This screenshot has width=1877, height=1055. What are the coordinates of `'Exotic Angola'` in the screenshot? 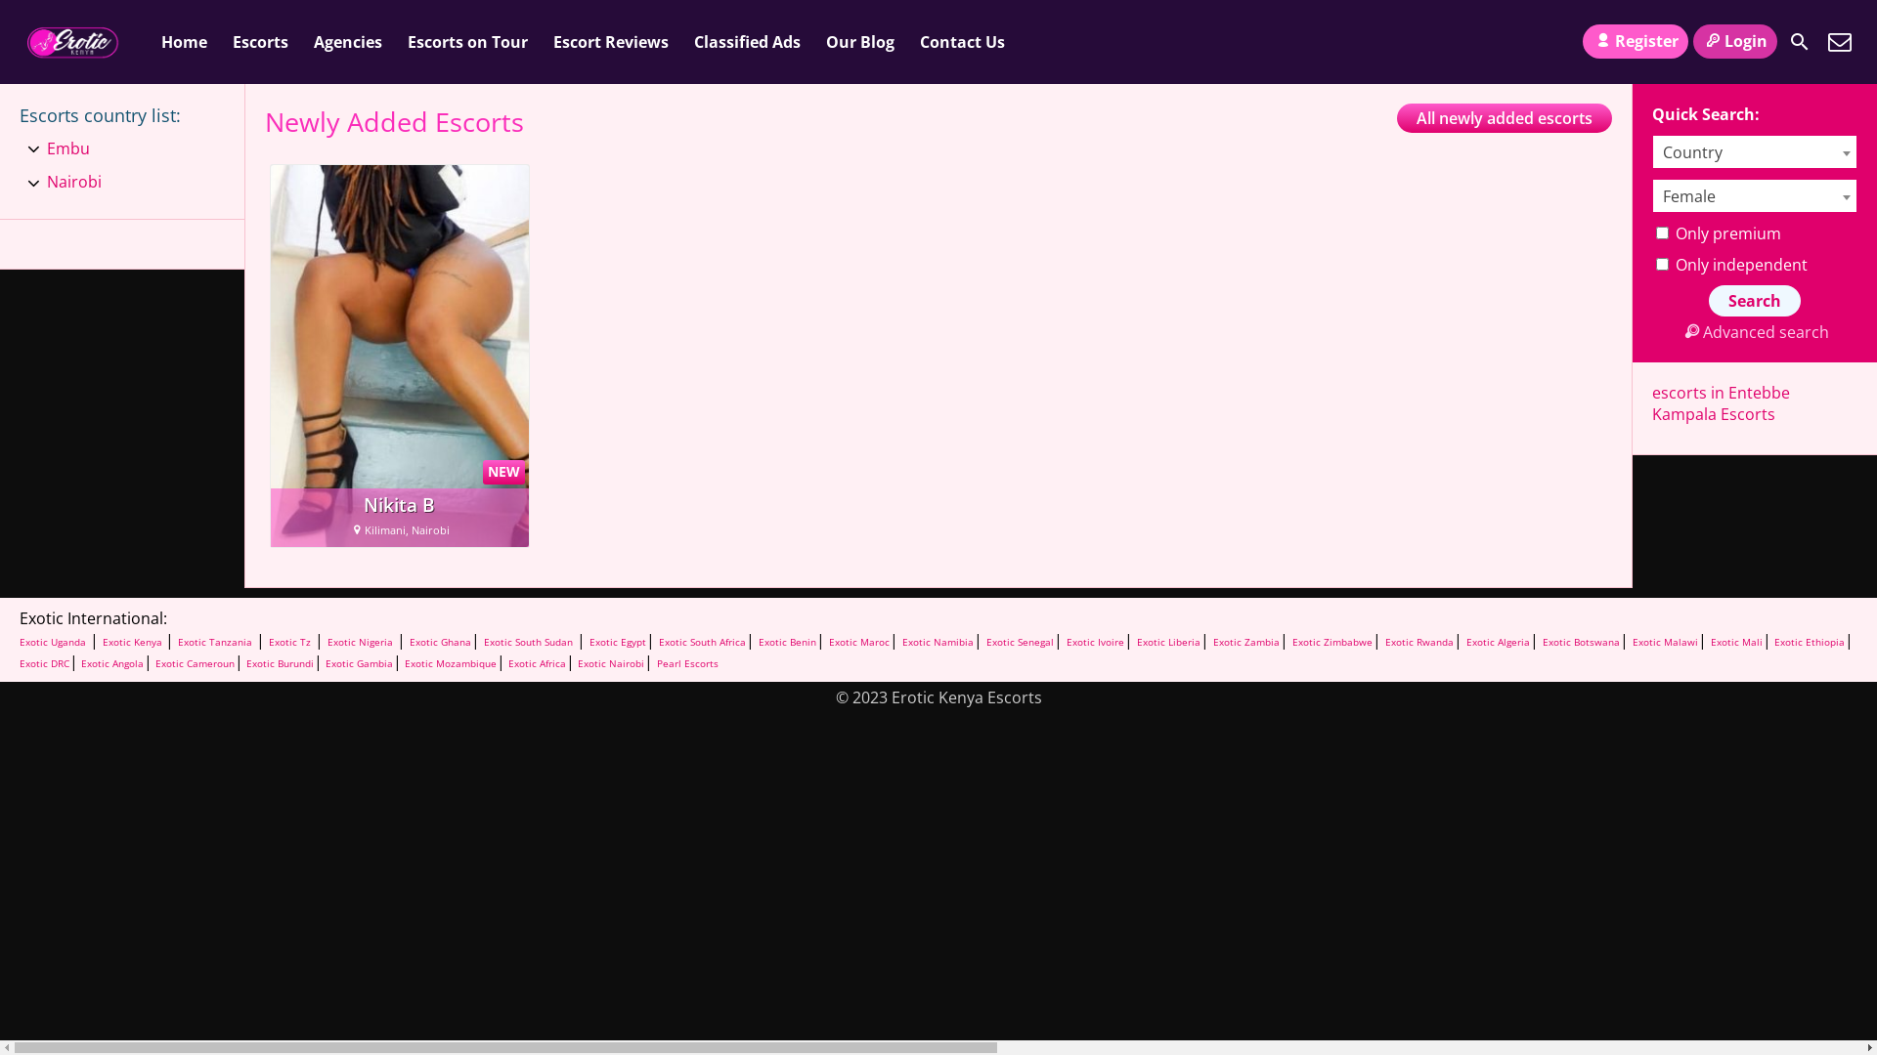 It's located at (109, 661).